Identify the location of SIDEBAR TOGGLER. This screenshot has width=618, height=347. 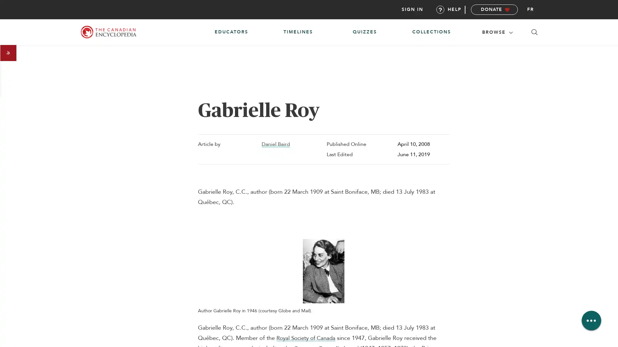
(8, 53).